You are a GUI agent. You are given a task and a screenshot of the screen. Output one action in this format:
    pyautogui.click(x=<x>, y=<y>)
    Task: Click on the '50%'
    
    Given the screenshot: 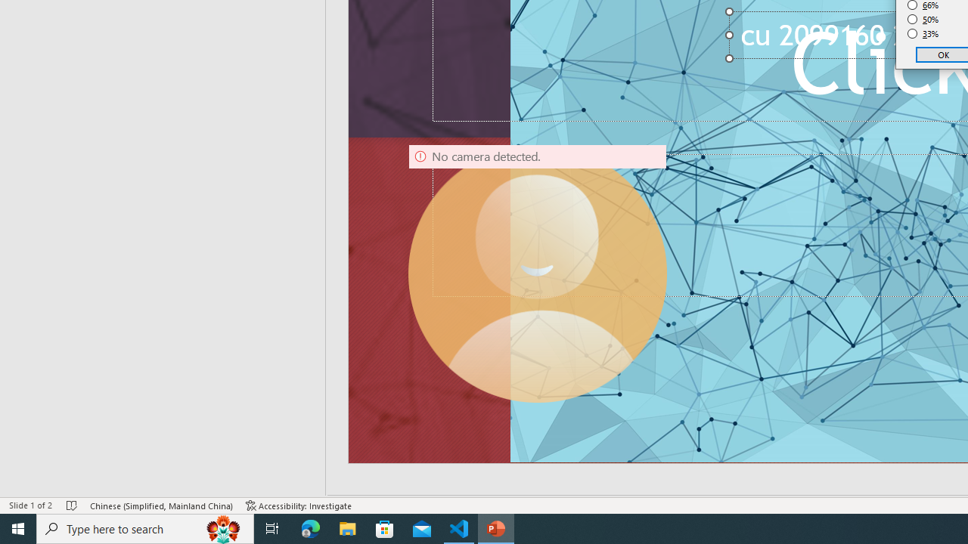 What is the action you would take?
    pyautogui.click(x=923, y=19)
    